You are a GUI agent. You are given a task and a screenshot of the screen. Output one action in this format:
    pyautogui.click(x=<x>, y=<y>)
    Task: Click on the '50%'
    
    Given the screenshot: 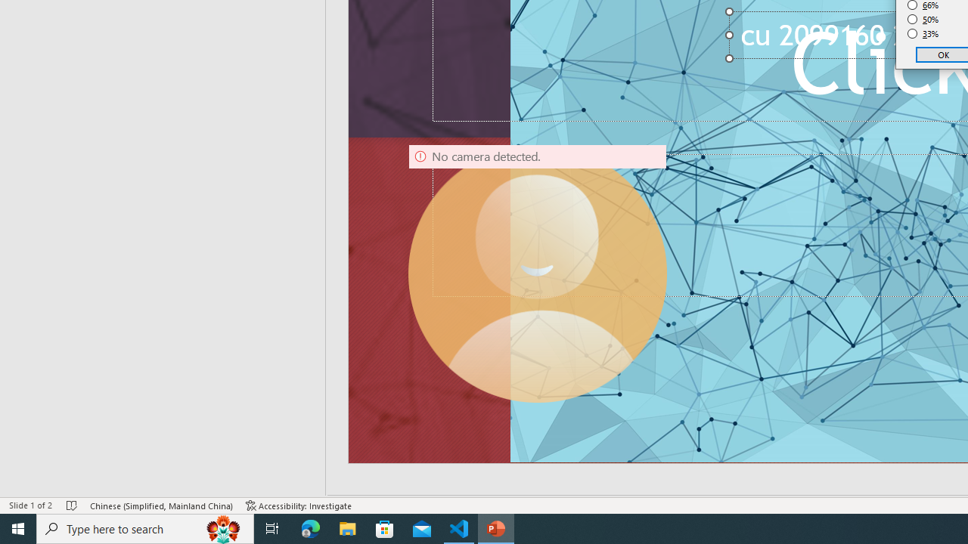 What is the action you would take?
    pyautogui.click(x=923, y=19)
    